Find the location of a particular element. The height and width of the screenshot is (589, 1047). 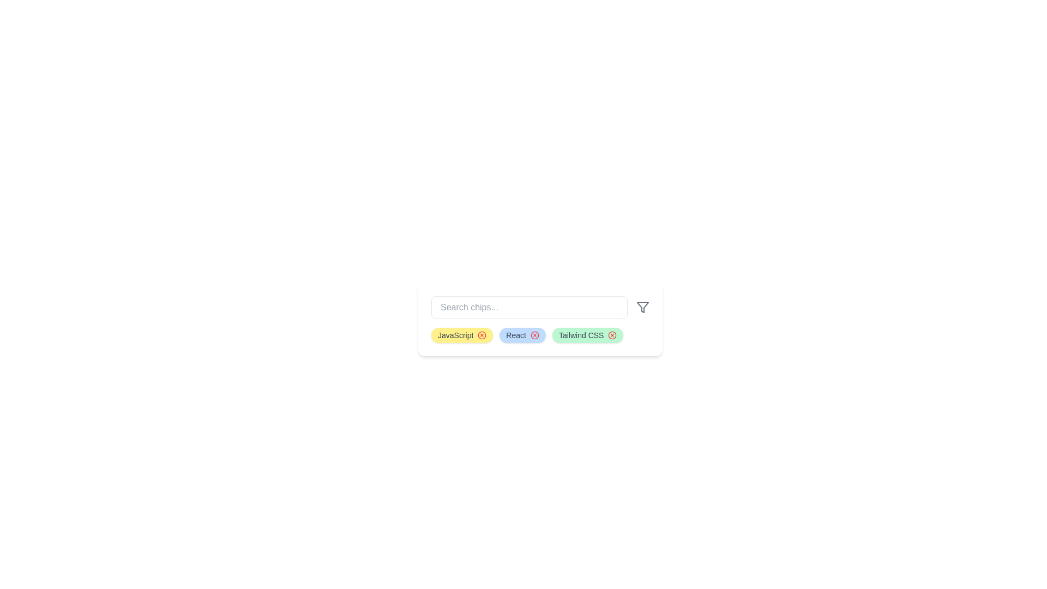

the chip with label React to visually identify it is located at coordinates (522, 334).